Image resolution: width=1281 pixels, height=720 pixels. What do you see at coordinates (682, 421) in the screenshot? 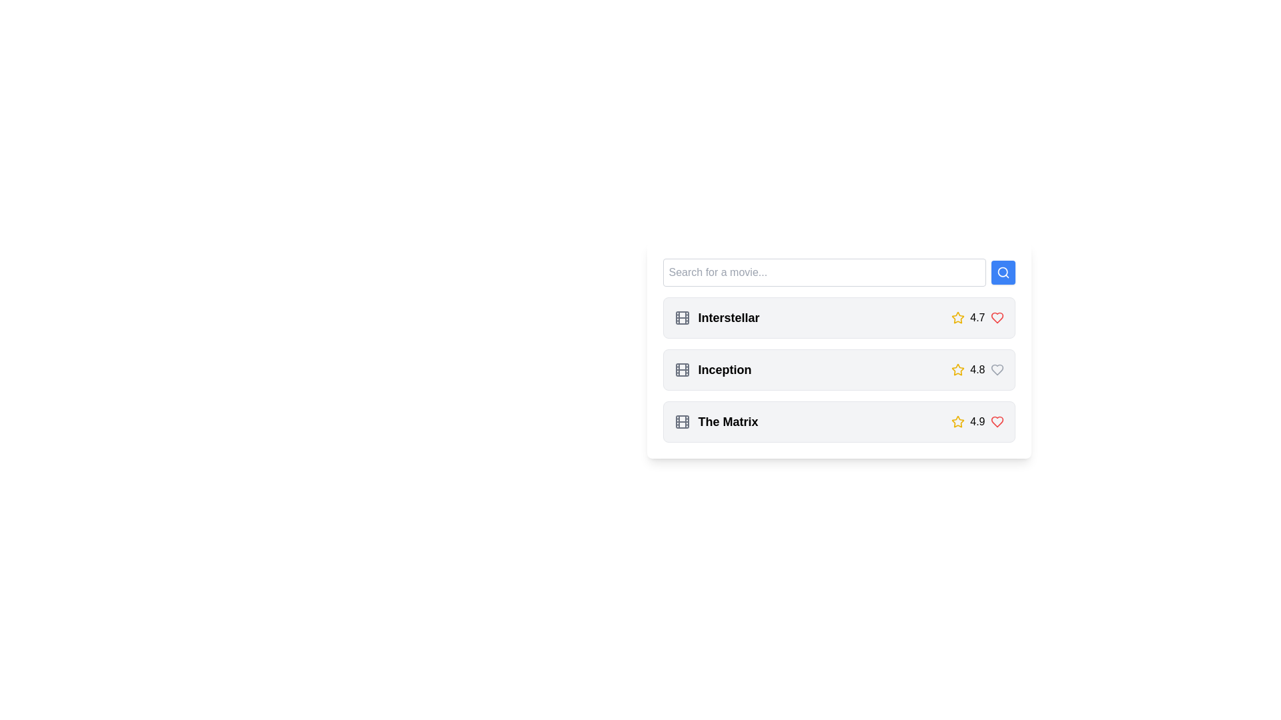
I see `the filmstrip icon located to the left of the movie title 'The Matrix' in the movie options list` at bounding box center [682, 421].